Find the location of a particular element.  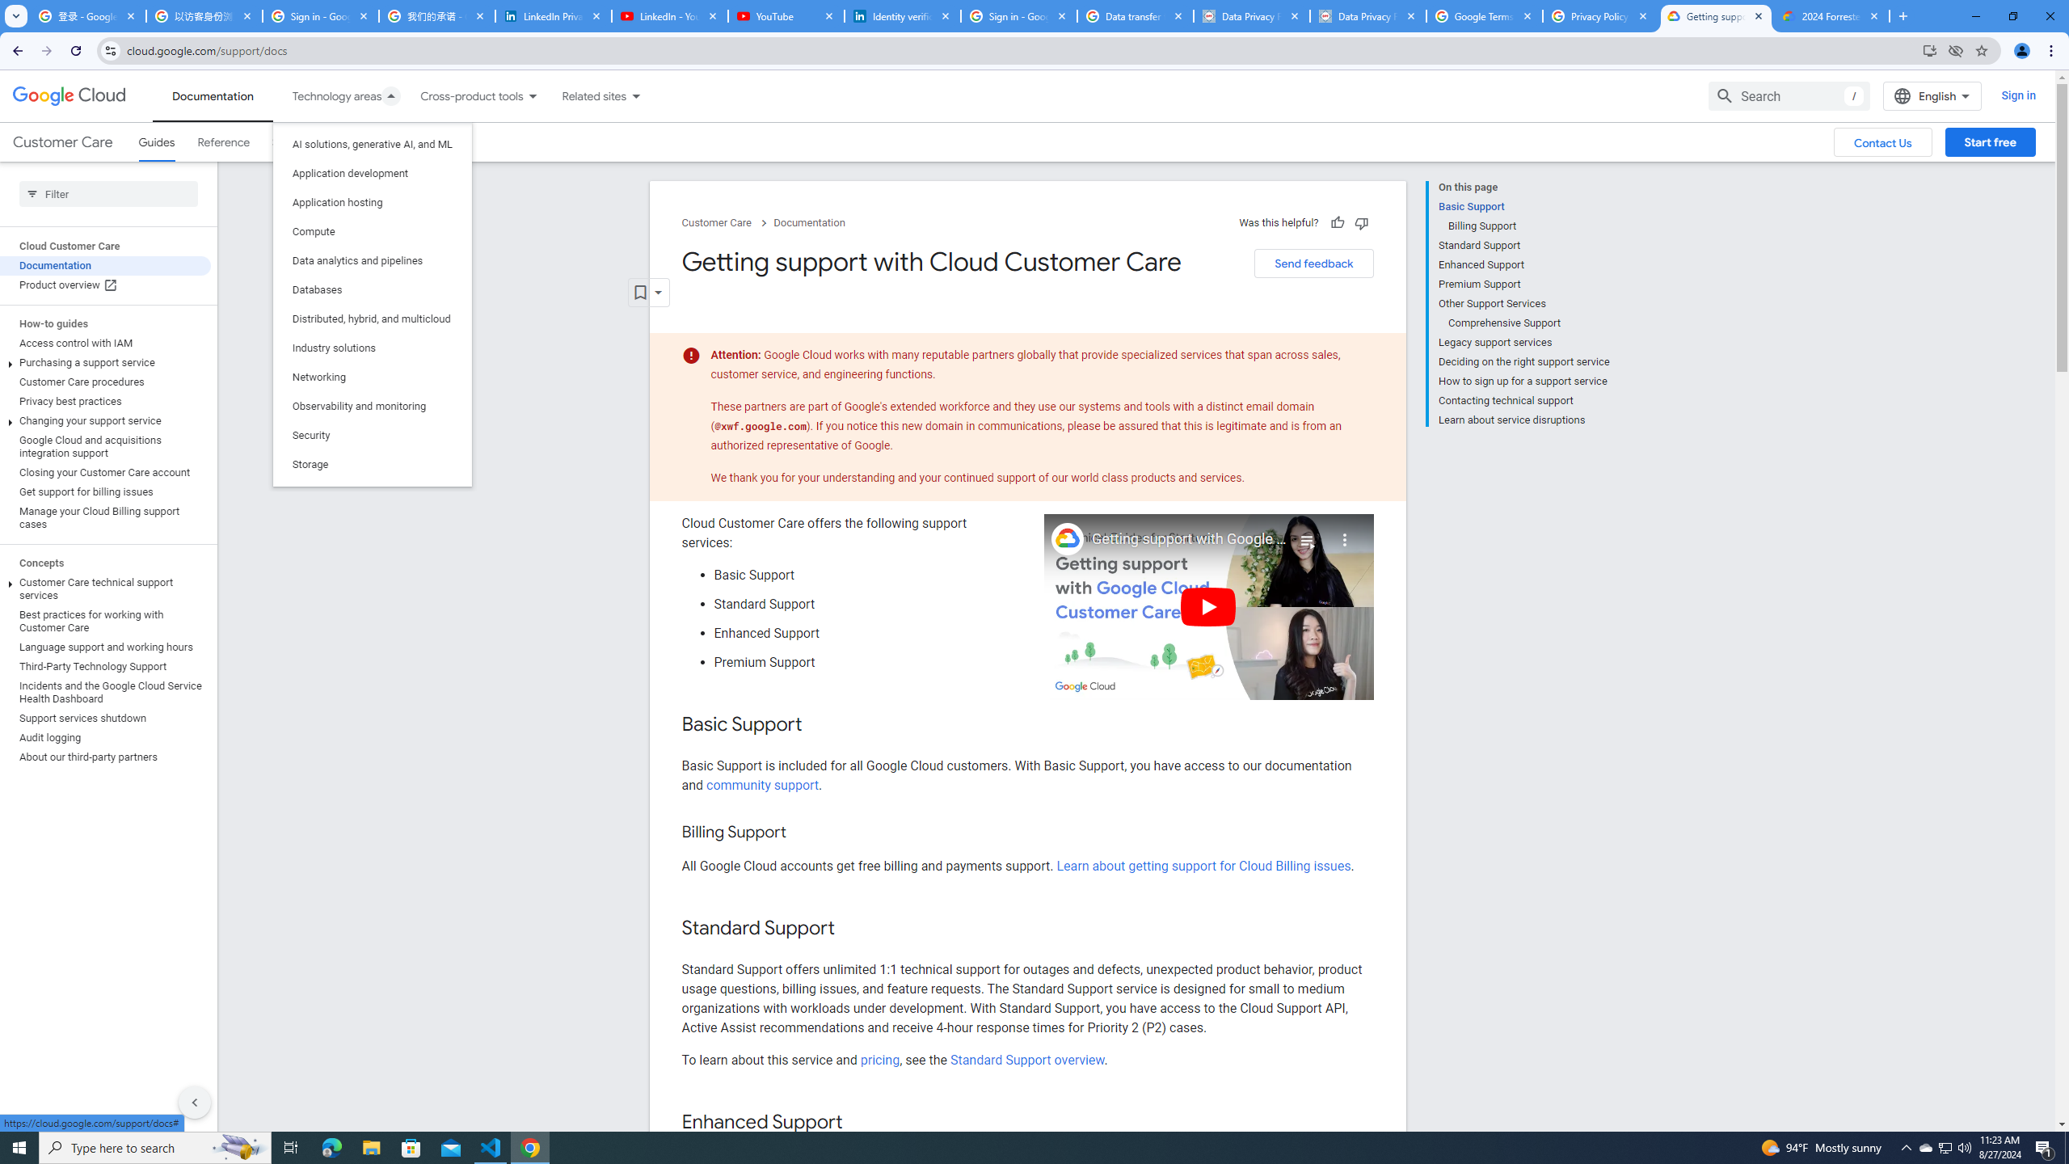

'Data Privacy Framework' is located at coordinates (1251, 15).